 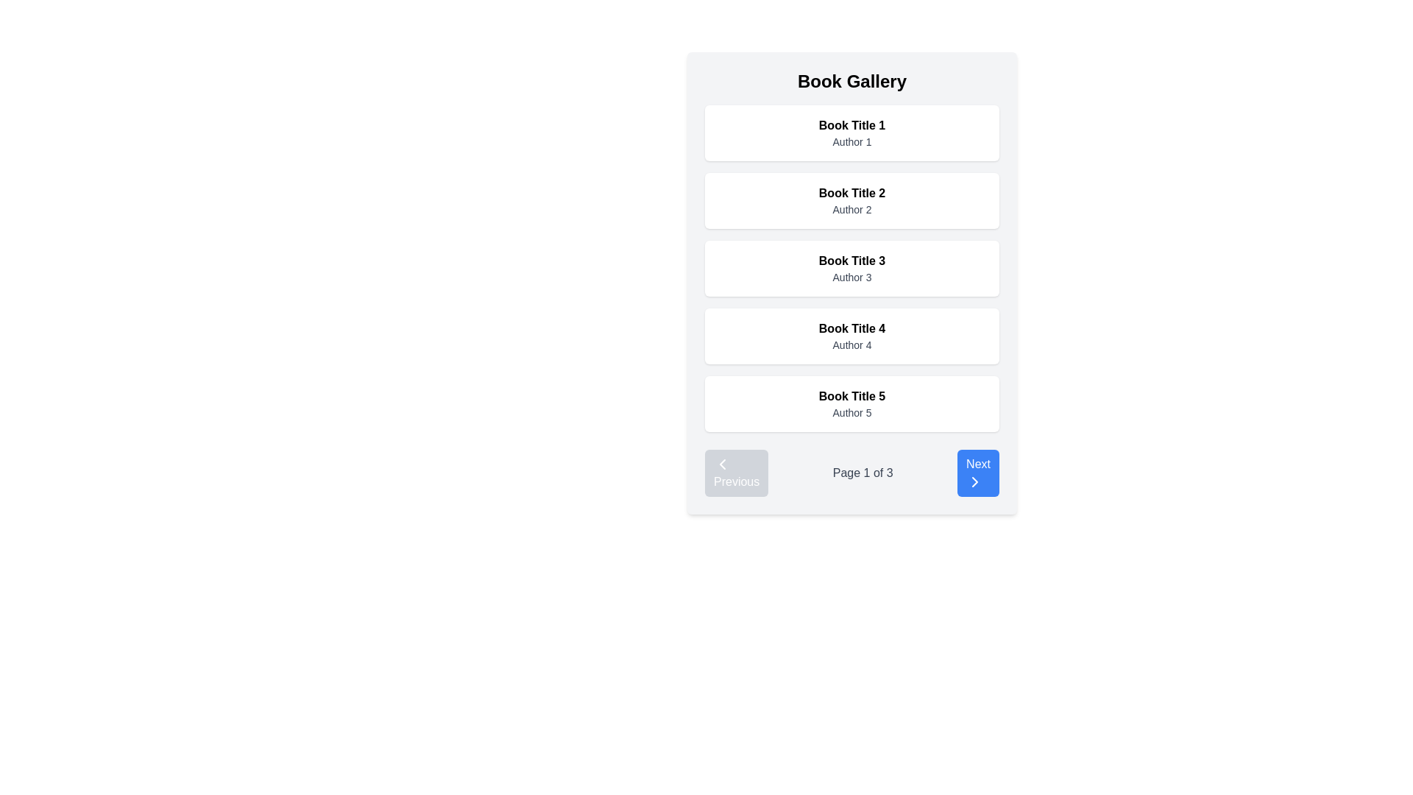 What do you see at coordinates (851, 412) in the screenshot?
I see `the text in the author label located at the bottom of the card for 'Book Title 5' by clicking on its center point` at bounding box center [851, 412].